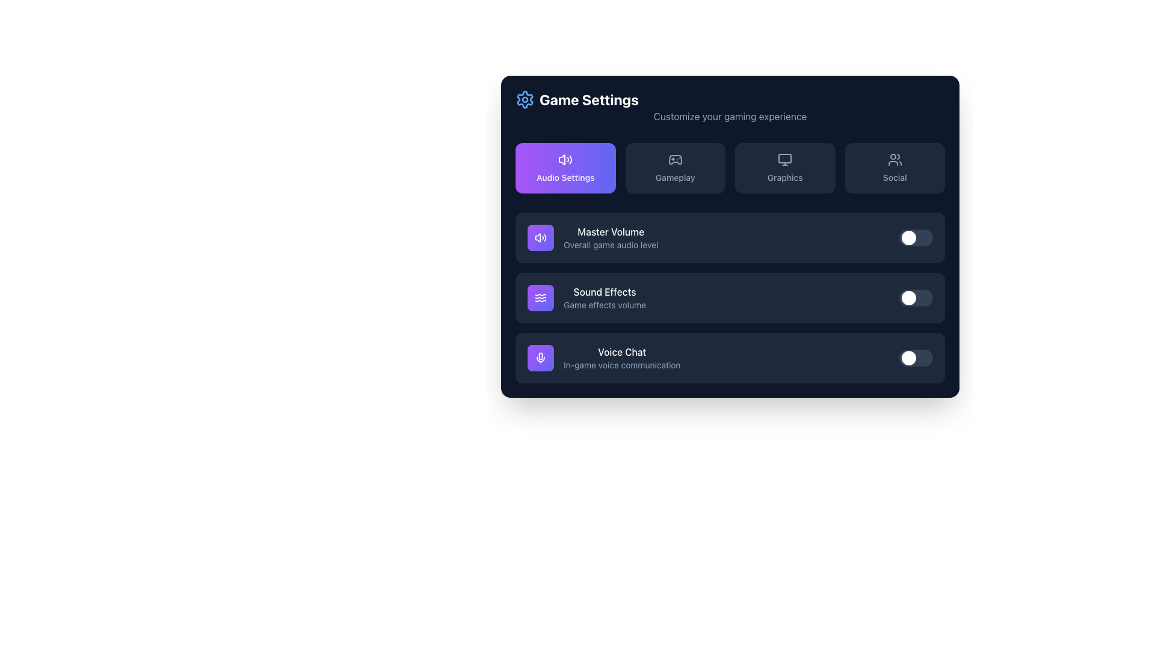 The image size is (1155, 649). What do you see at coordinates (605, 297) in the screenshot?
I see `the 'Sound Effects' text display element, which provides context for the game effects volume in the audio settings` at bounding box center [605, 297].